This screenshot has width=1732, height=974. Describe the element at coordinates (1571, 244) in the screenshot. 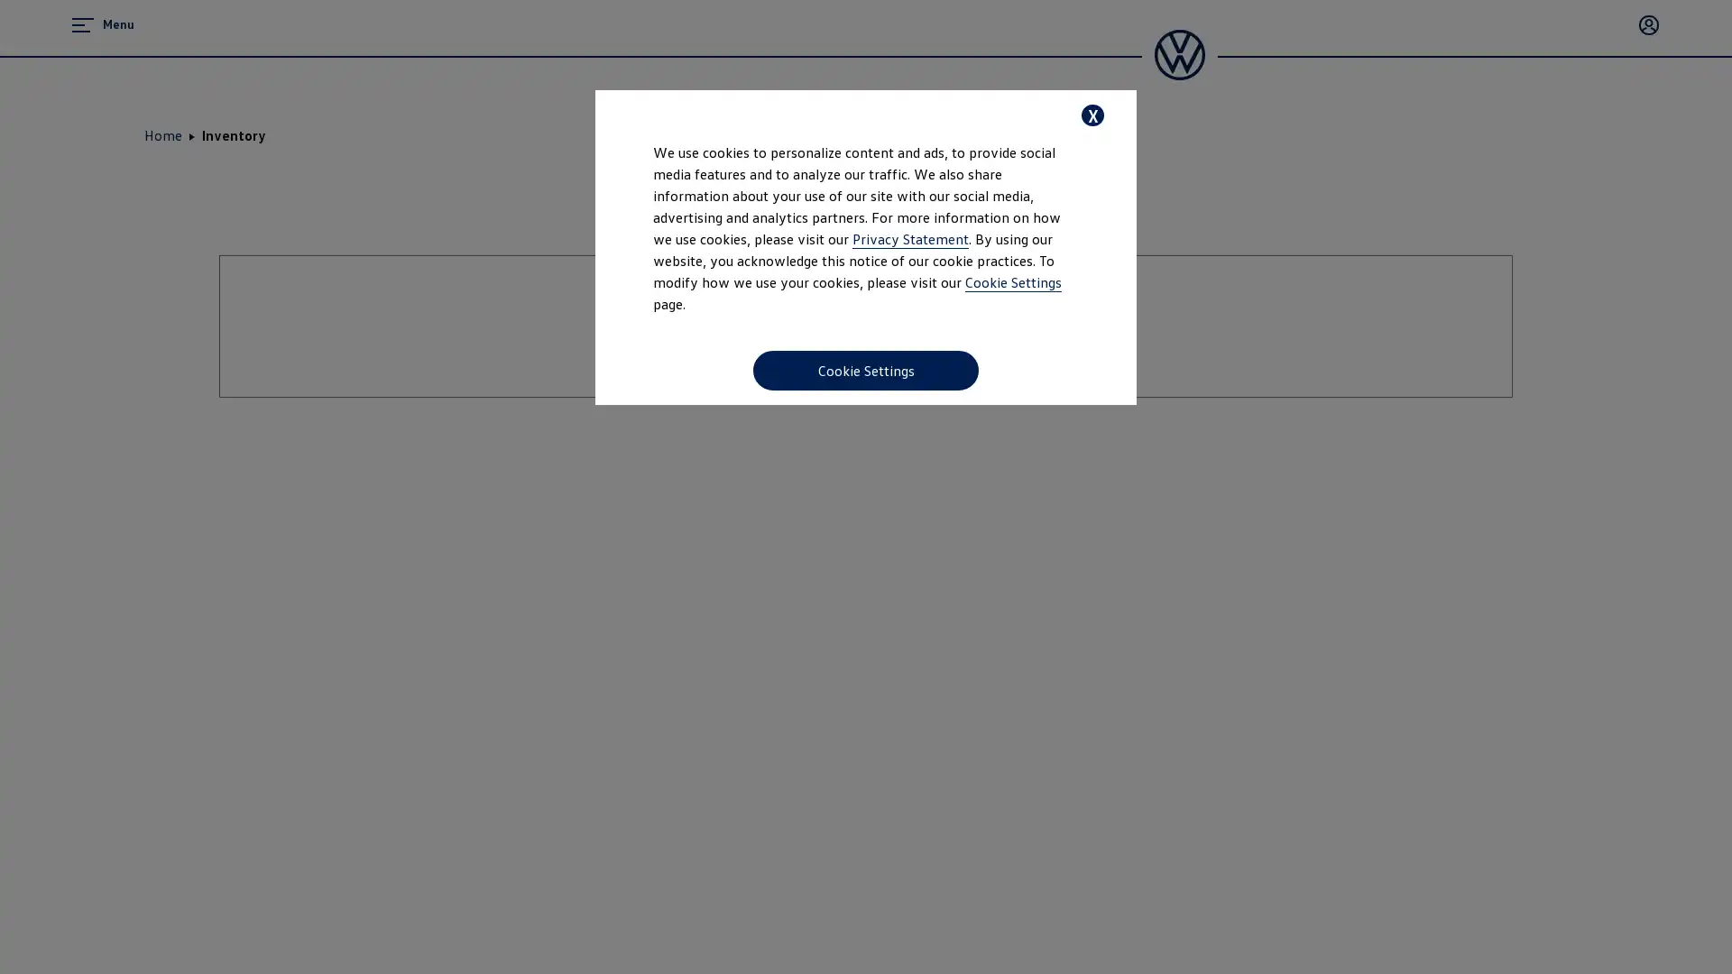

I see `95141` at that location.